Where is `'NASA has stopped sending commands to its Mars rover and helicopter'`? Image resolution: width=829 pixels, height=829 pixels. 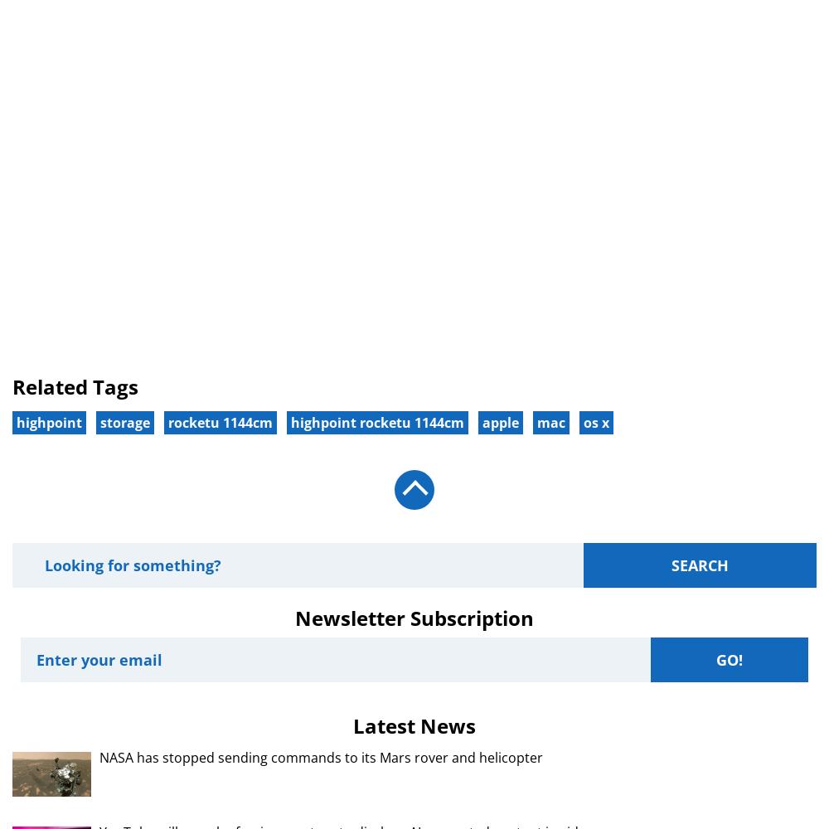
'NASA has stopped sending commands to its Mars rover and helicopter' is located at coordinates (321, 757).